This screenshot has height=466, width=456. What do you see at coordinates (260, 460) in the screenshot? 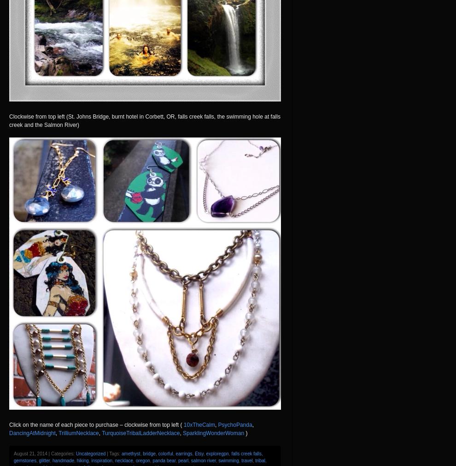
I see `'tribal'` at bounding box center [260, 460].